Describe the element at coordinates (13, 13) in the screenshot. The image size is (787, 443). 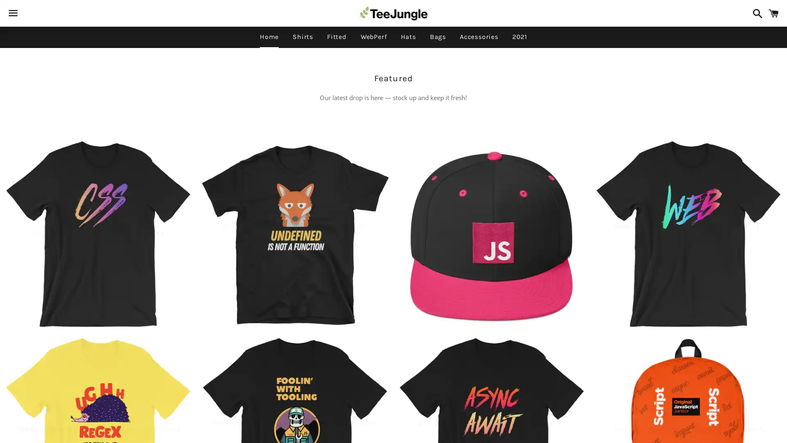
I see `Menu` at that location.